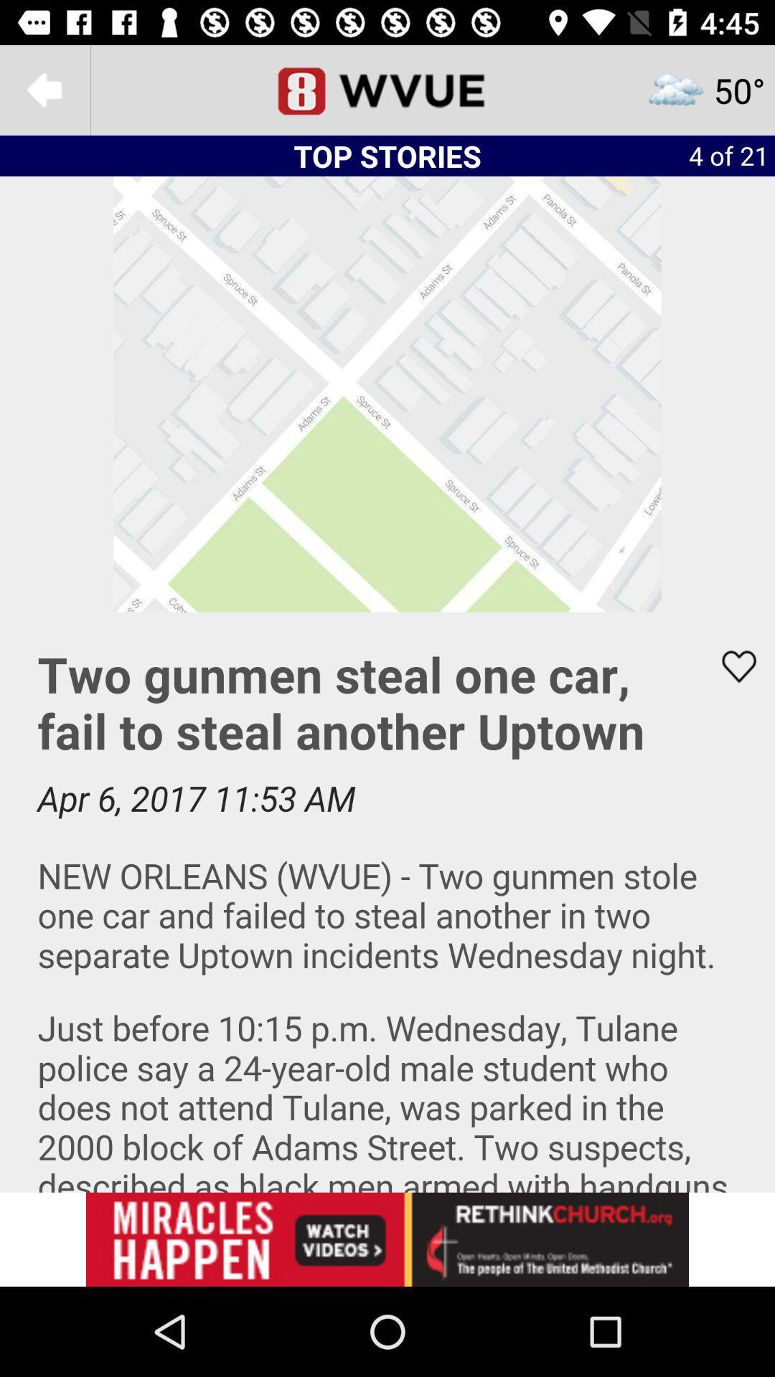 The image size is (775, 1377). I want to click on the arrow_backward icon, so click(44, 89).